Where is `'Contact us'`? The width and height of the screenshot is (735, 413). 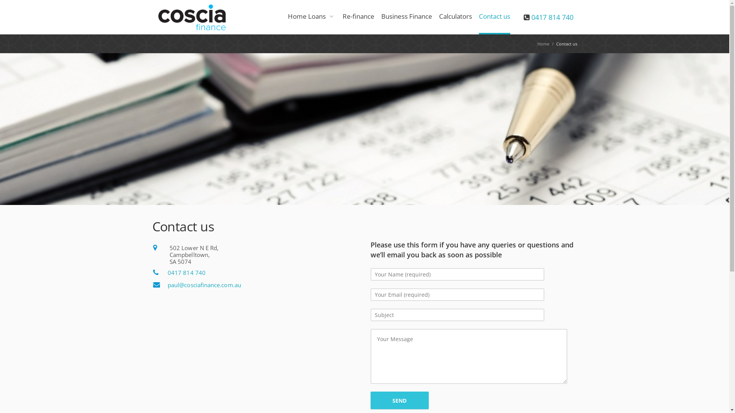
'Contact us' is located at coordinates (494, 17).